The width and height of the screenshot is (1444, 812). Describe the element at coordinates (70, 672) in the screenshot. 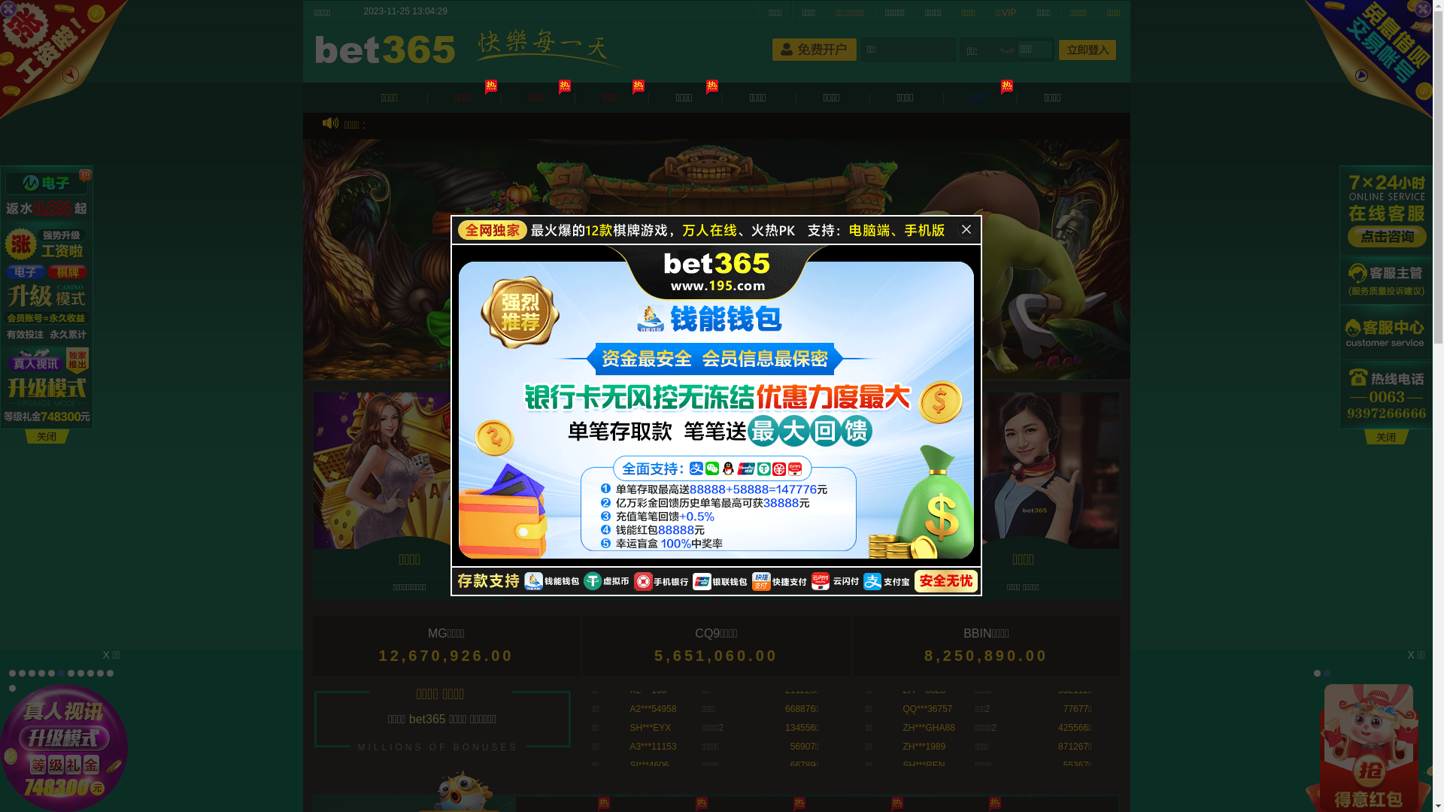

I see `'7'` at that location.